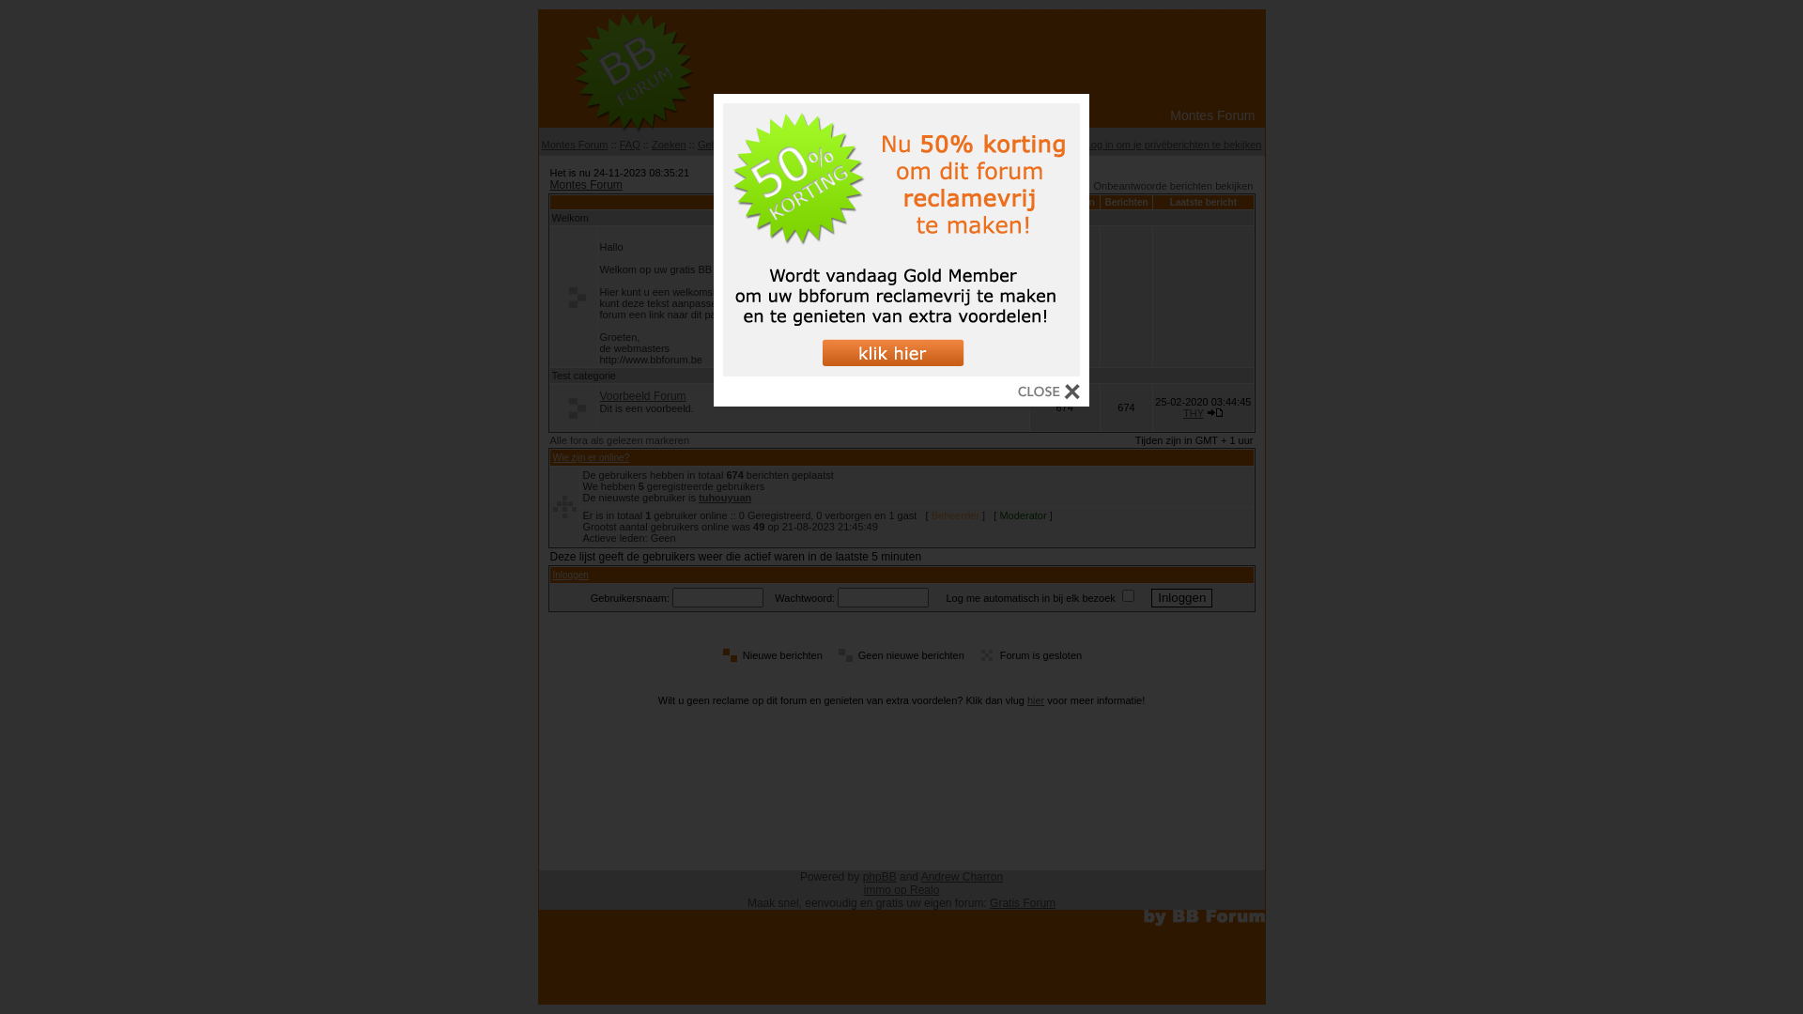 The image size is (1803, 1014). Describe the element at coordinates (878, 876) in the screenshot. I see `'phpBB'` at that location.